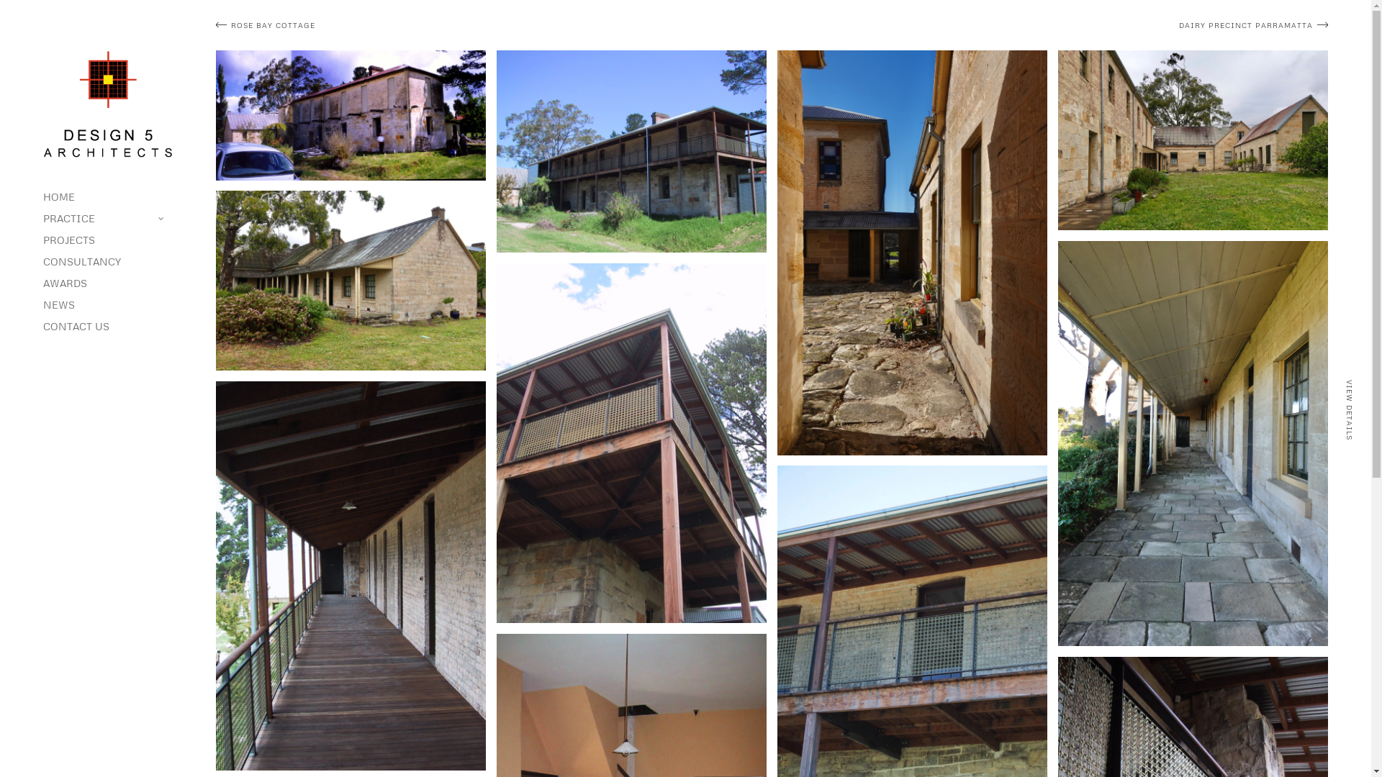 This screenshot has width=1382, height=777. What do you see at coordinates (107, 261) in the screenshot?
I see `'CONSULTANCY'` at bounding box center [107, 261].